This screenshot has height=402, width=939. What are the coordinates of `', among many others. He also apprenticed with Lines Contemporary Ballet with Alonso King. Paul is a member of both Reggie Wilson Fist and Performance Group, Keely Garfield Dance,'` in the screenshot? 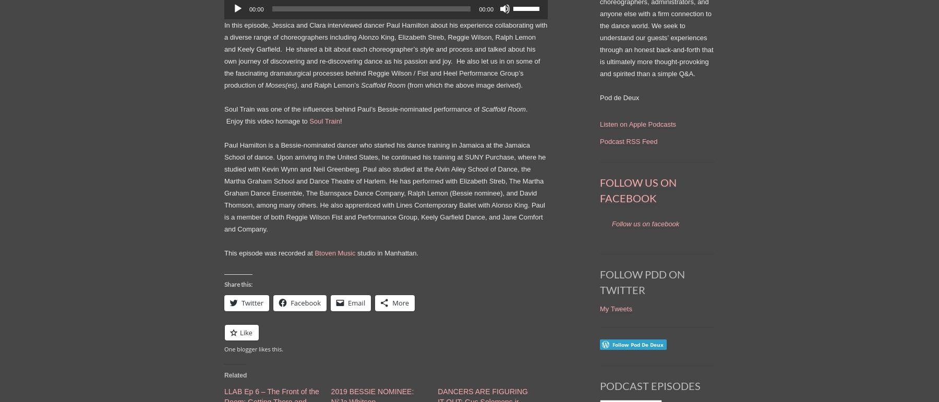 It's located at (383, 210).